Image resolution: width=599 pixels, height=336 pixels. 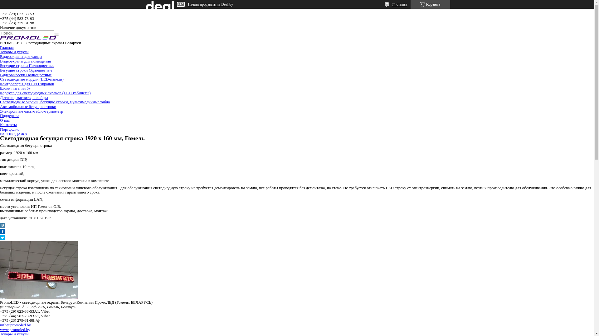 What do you see at coordinates (15, 324) in the screenshot?
I see `'info@promoled.by'` at bounding box center [15, 324].